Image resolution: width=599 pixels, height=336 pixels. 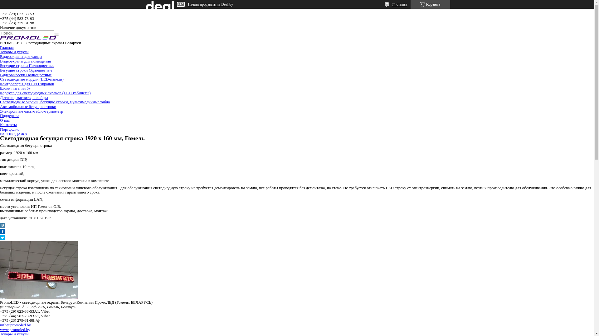 What do you see at coordinates (15, 324) in the screenshot?
I see `'info@promoled.by'` at bounding box center [15, 324].